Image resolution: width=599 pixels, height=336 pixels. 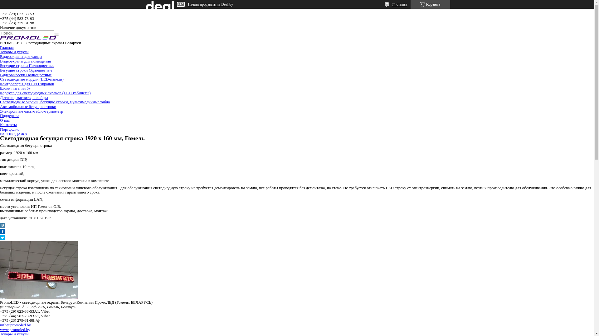 What do you see at coordinates (15, 324) in the screenshot?
I see `'info@promoled.by'` at bounding box center [15, 324].